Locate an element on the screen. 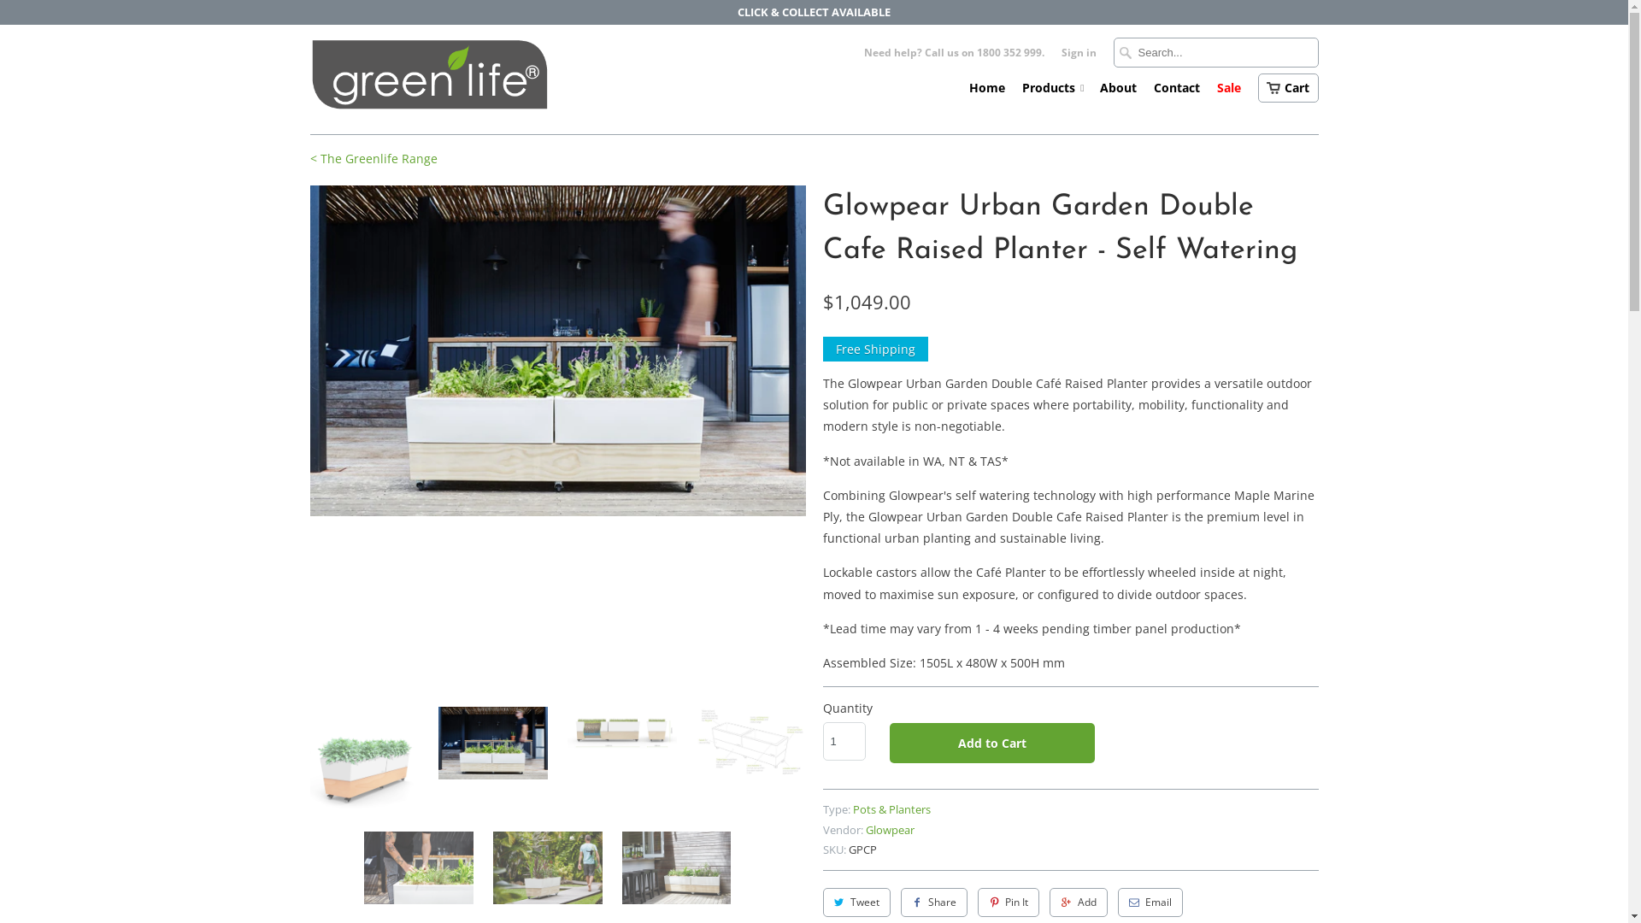  'CLICK & COLLECT AVAILABLE' is located at coordinates (813, 12).